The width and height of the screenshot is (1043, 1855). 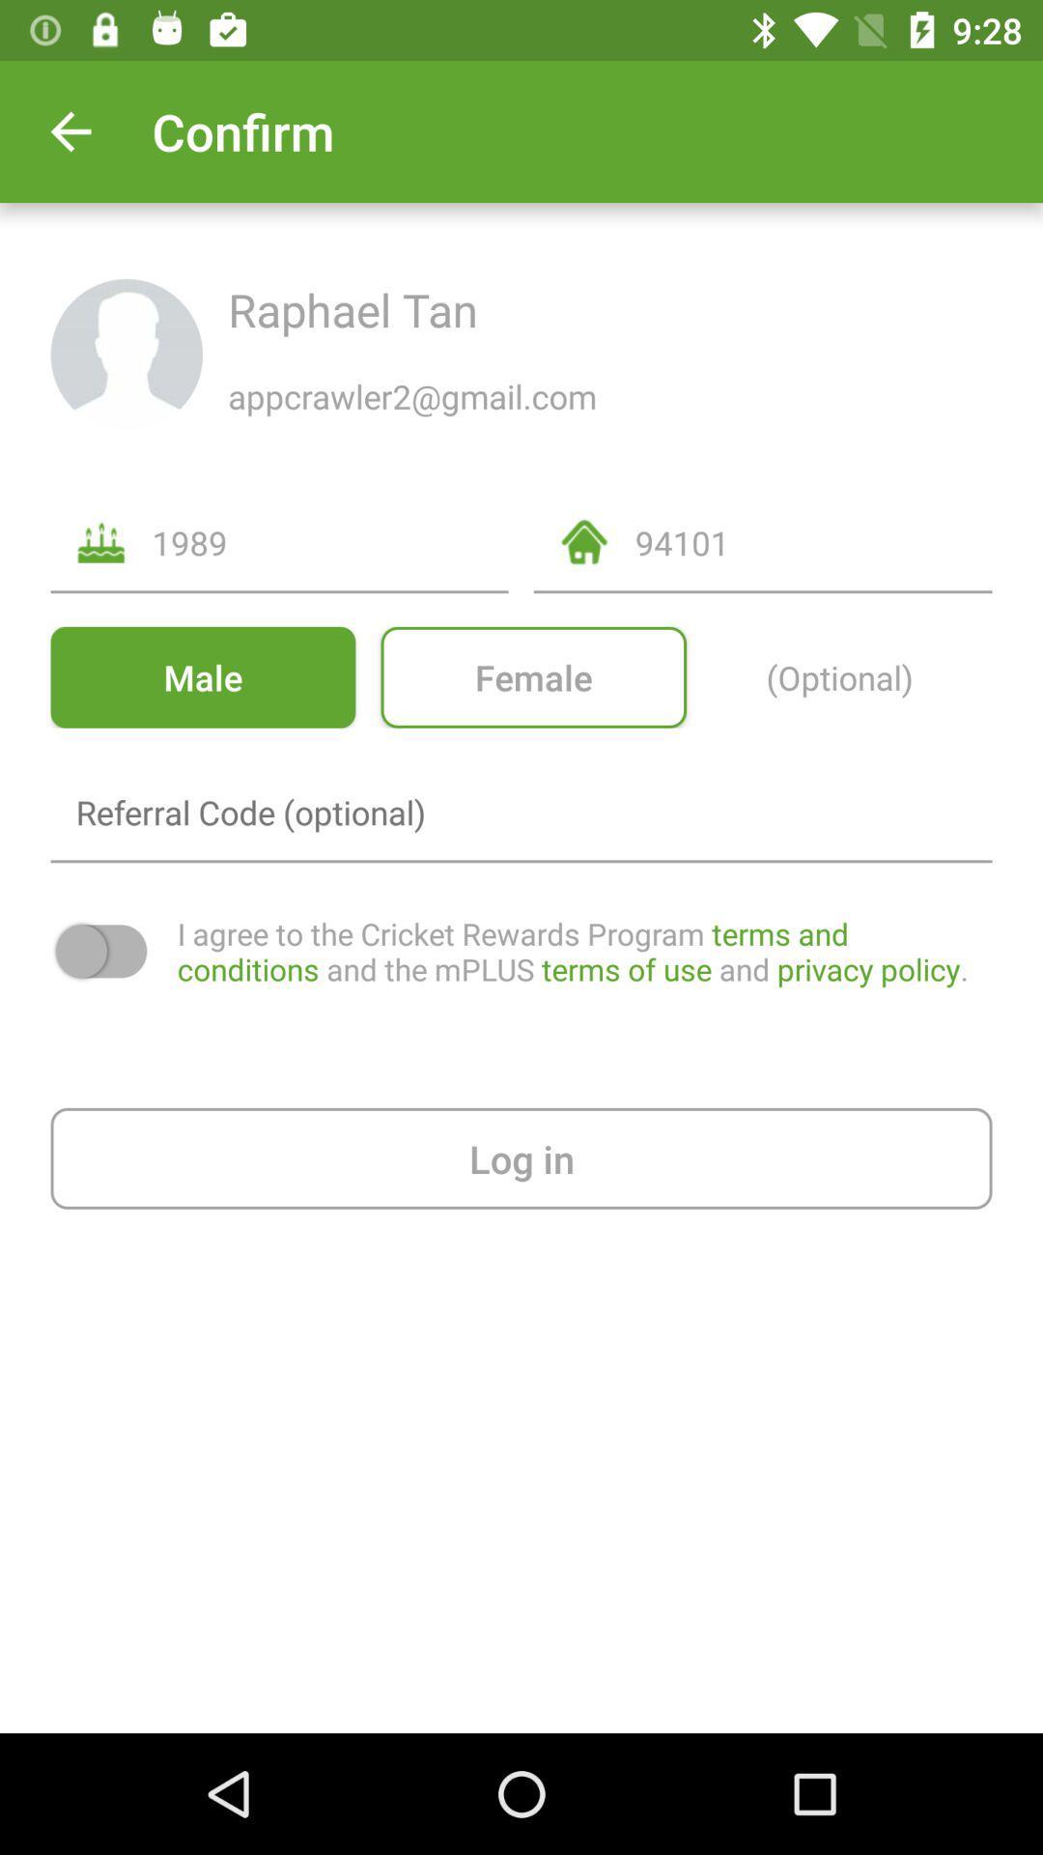 What do you see at coordinates (203, 677) in the screenshot?
I see `the item to the left of the female icon` at bounding box center [203, 677].